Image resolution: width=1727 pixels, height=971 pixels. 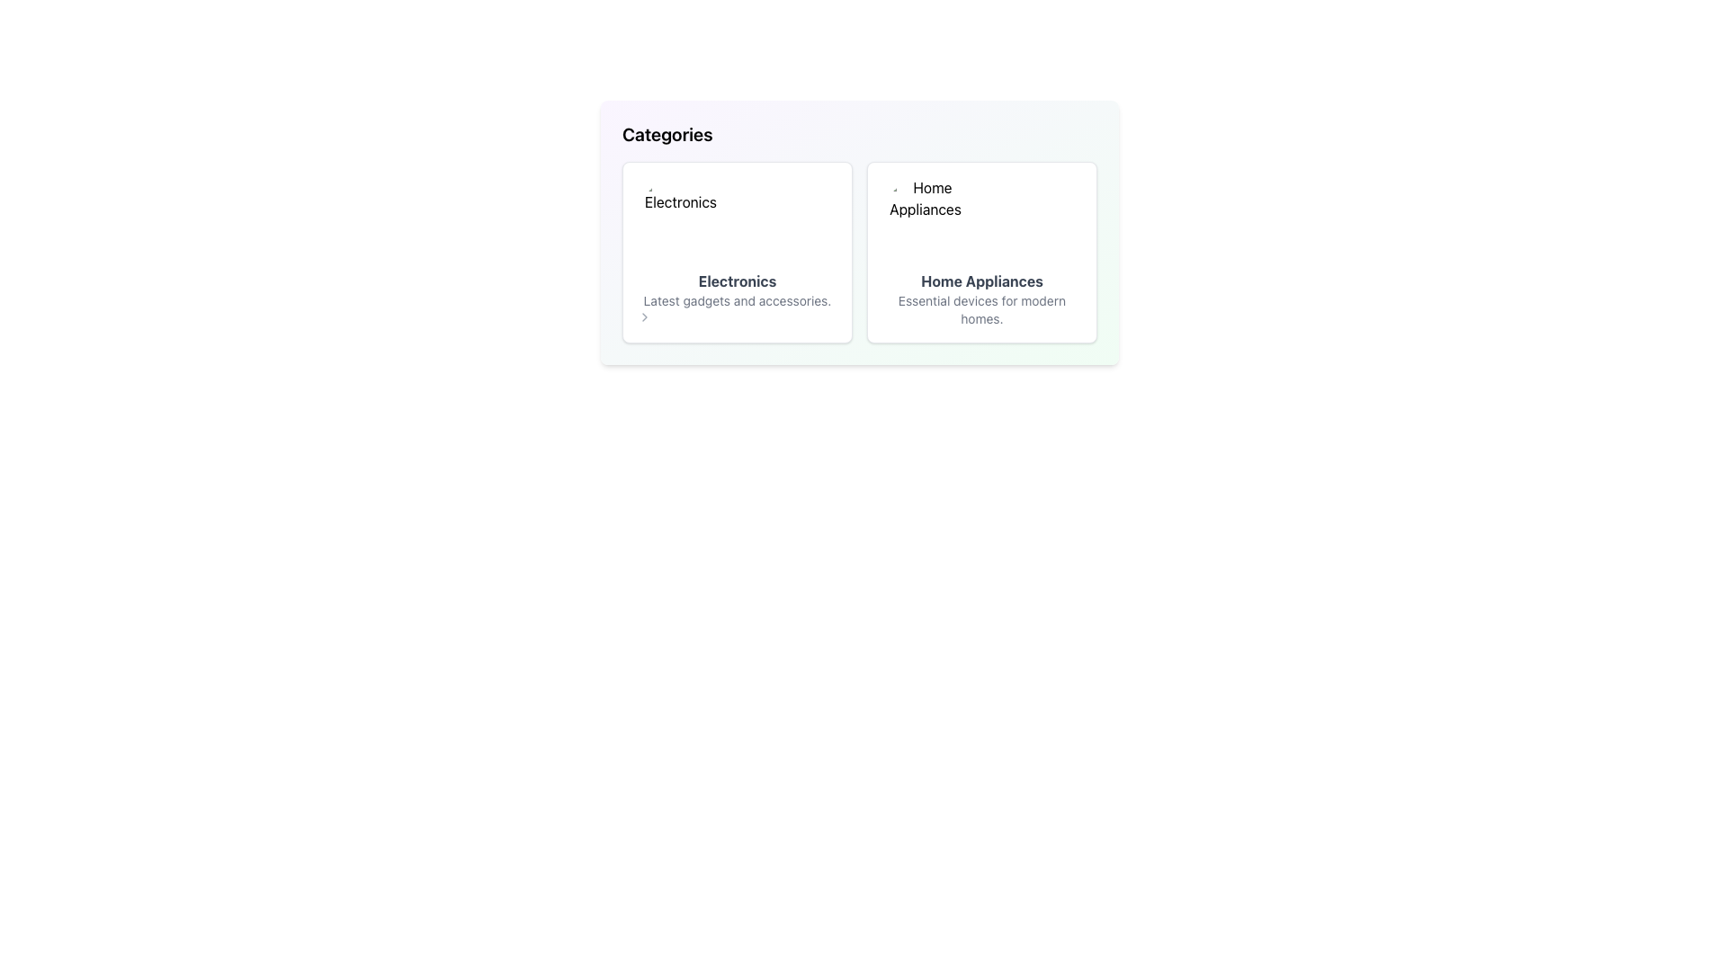 I want to click on the image representing the 'Home Appliances' category, which is located in the second section under the 'Categories' label, so click(x=925, y=219).